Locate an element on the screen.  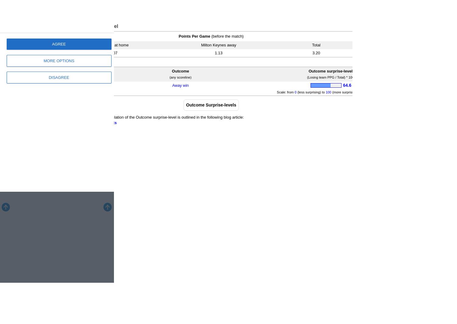
'(less surprising) to' is located at coordinates (311, 92).